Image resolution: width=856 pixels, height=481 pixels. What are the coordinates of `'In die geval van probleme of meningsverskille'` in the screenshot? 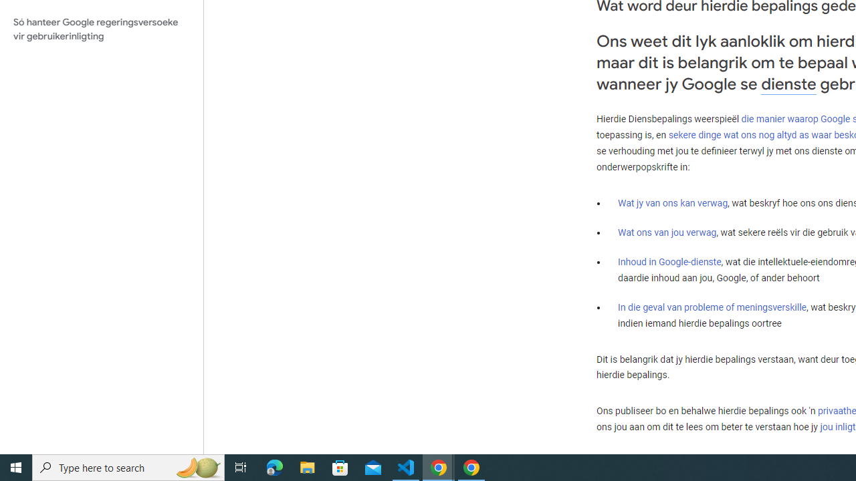 It's located at (711, 307).